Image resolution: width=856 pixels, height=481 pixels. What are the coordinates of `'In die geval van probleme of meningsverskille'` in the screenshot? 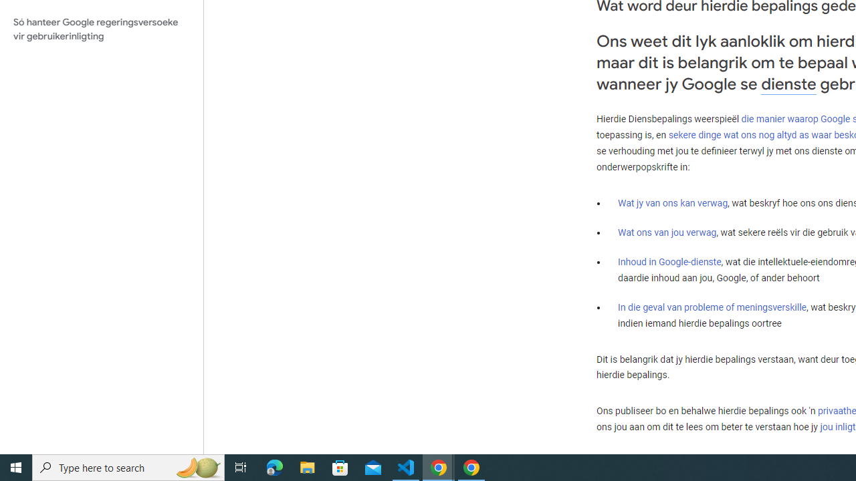 It's located at (711, 307).